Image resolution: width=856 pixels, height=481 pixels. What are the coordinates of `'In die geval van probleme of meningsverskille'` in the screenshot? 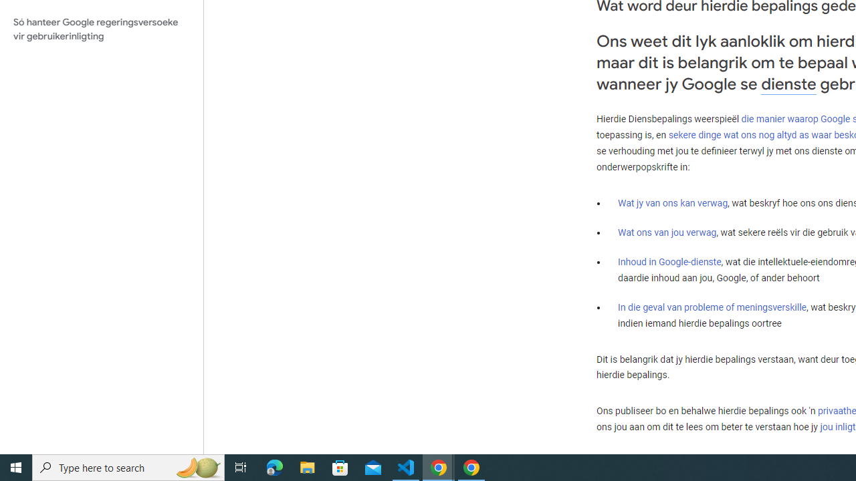 It's located at (711, 307).